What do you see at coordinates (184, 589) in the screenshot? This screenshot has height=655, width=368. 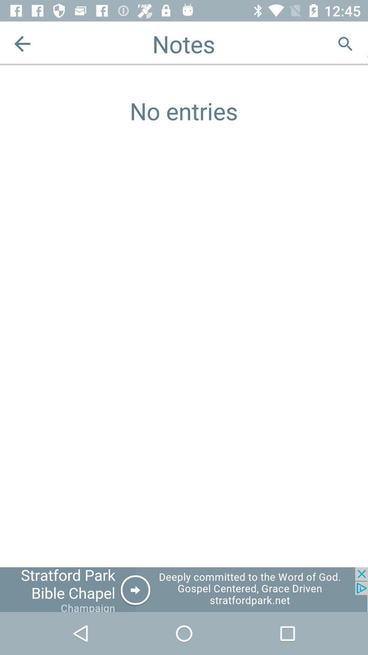 I see `open the advertisement` at bounding box center [184, 589].